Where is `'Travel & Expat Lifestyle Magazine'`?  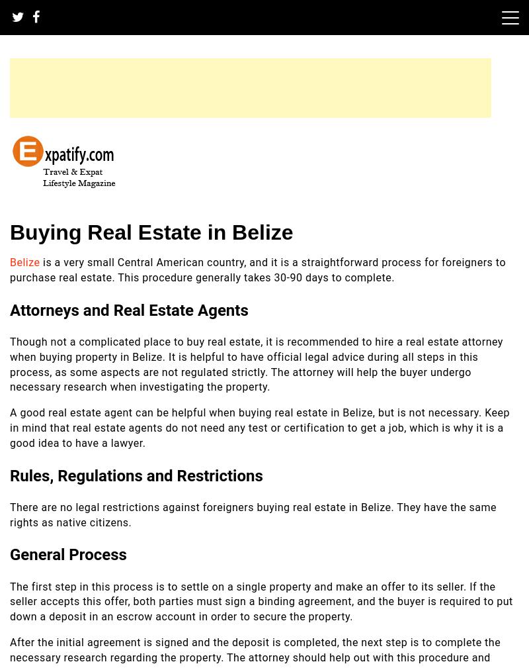 'Travel & Expat Lifestyle Magazine' is located at coordinates (9, 202).